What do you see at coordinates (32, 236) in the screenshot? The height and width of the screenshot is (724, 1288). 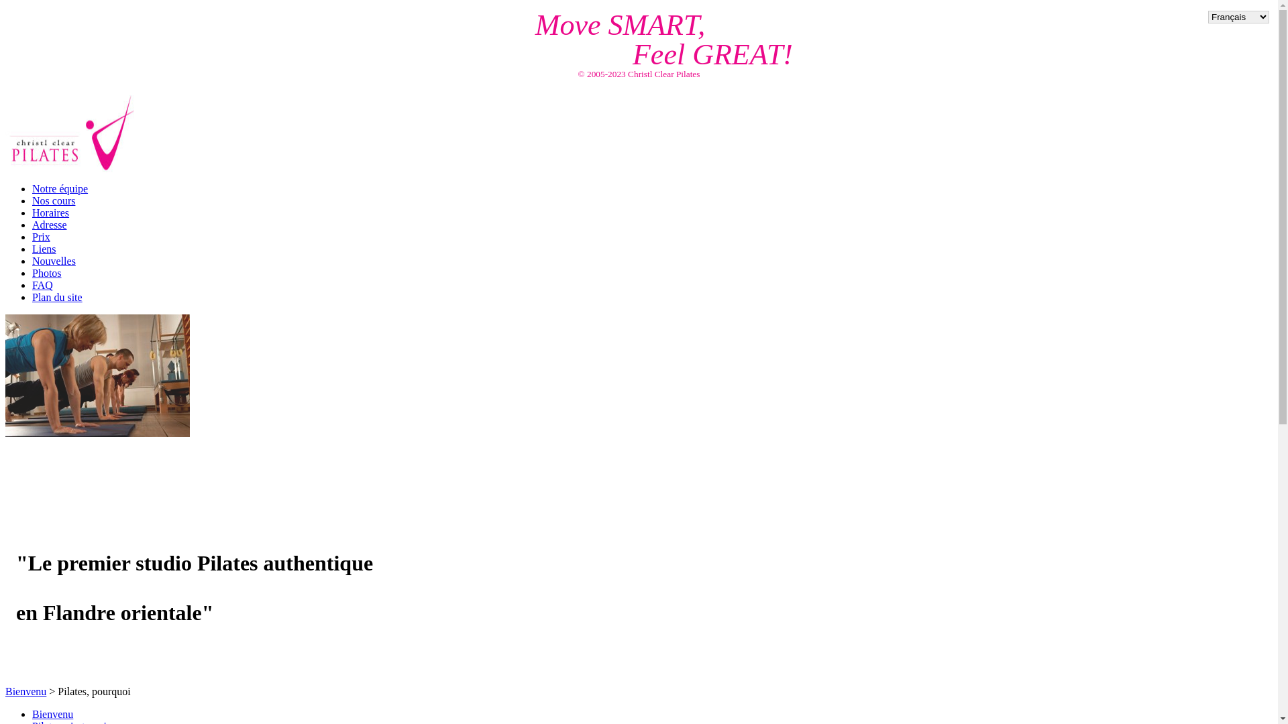 I see `'Prix'` at bounding box center [32, 236].